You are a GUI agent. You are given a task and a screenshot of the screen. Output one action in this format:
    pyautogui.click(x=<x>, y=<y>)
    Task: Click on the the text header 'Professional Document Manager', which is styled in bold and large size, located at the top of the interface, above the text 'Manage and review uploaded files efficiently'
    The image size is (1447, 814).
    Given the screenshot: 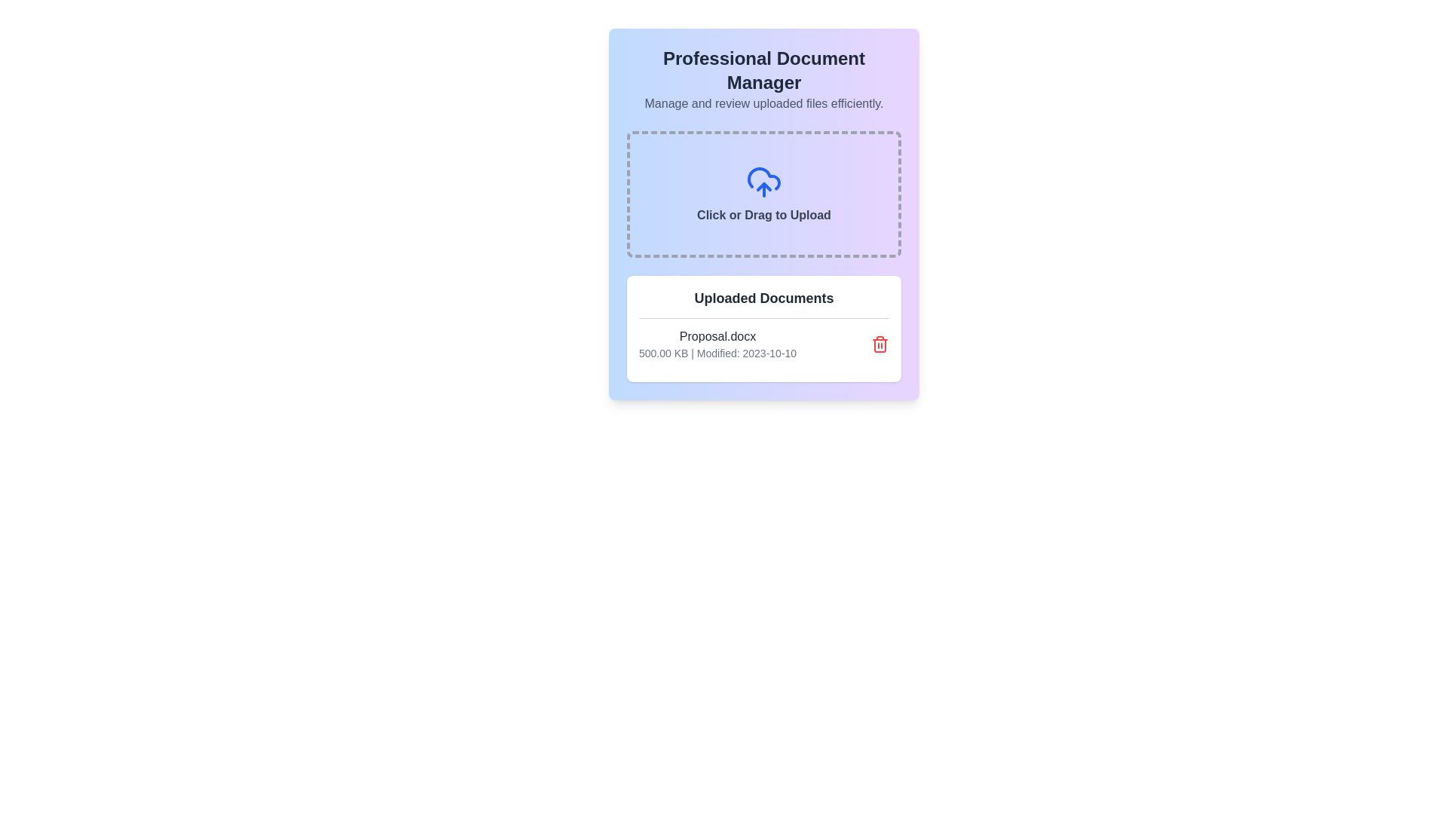 What is the action you would take?
    pyautogui.click(x=763, y=70)
    